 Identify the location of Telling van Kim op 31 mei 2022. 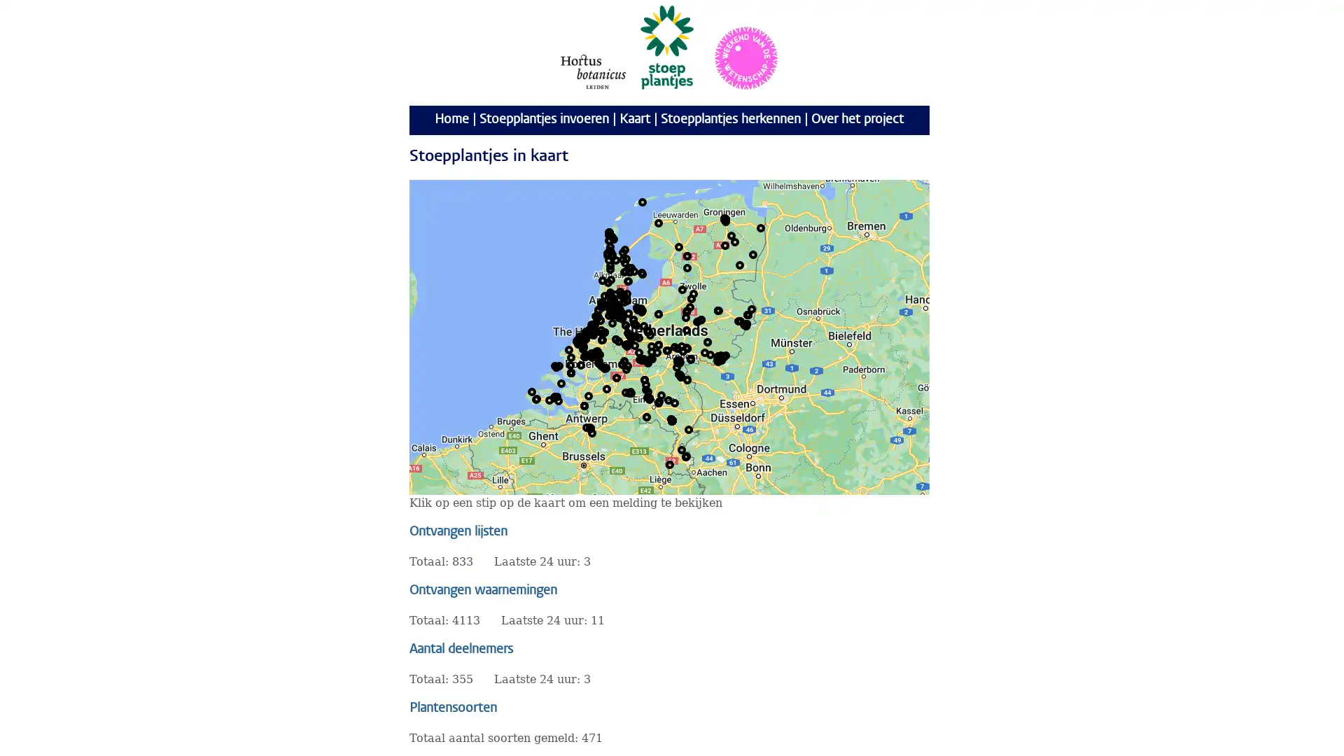
(571, 372).